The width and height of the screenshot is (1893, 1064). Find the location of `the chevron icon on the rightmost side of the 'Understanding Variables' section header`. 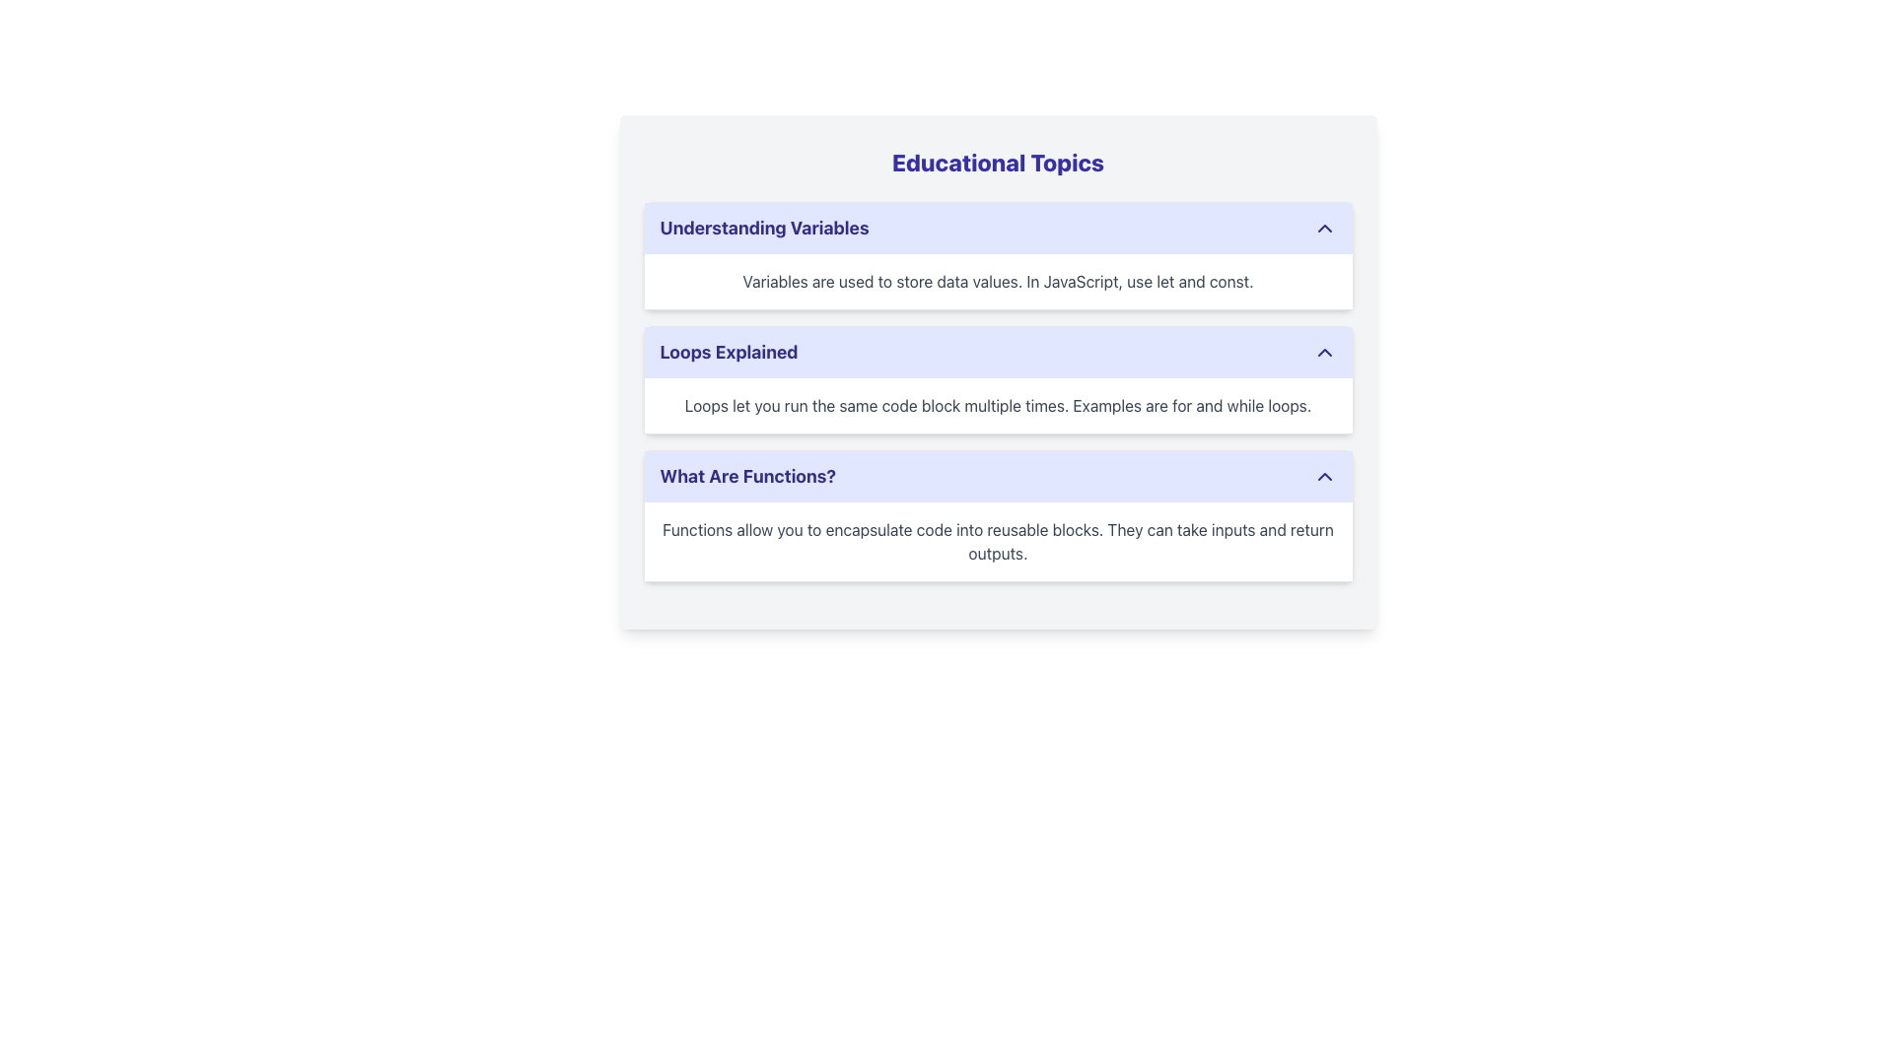

the chevron icon on the rightmost side of the 'Understanding Variables' section header is located at coordinates (1324, 227).